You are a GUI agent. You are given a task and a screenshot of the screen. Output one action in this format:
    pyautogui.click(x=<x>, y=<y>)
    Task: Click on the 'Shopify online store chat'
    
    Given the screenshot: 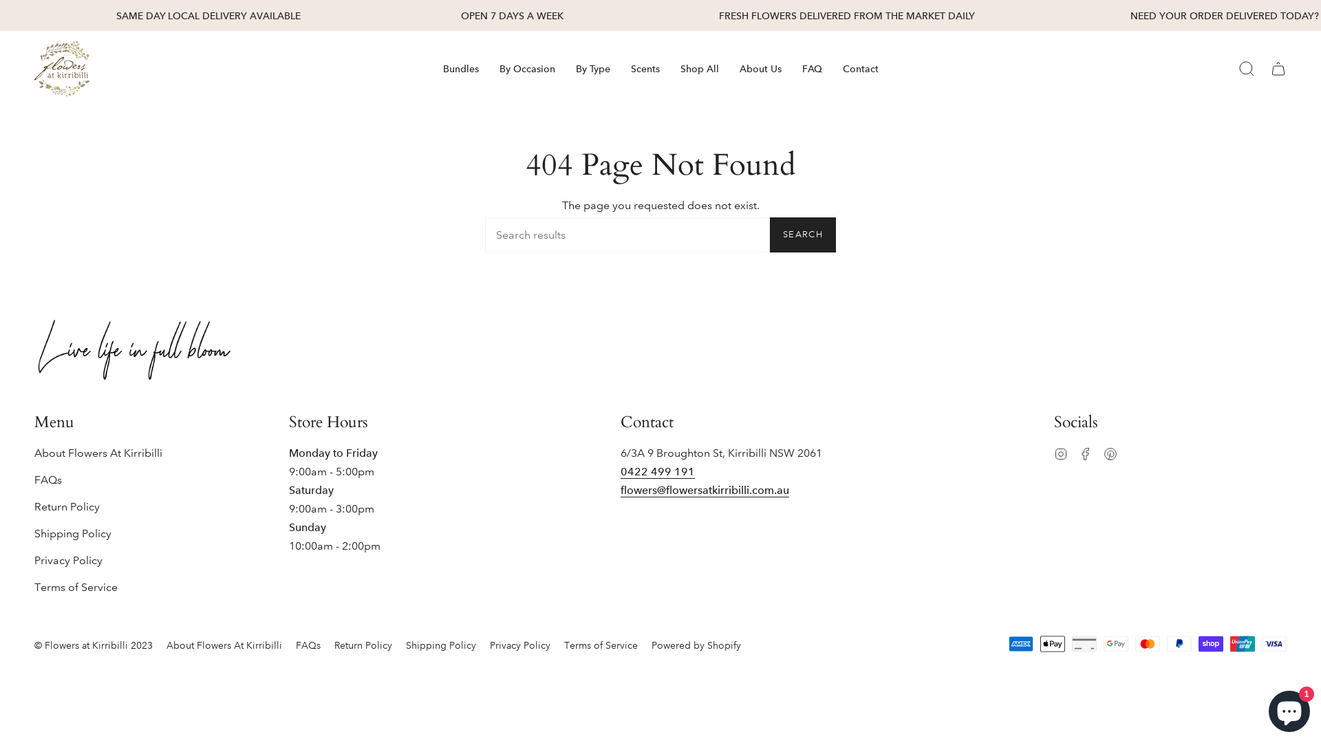 What is the action you would take?
    pyautogui.click(x=1288, y=708)
    